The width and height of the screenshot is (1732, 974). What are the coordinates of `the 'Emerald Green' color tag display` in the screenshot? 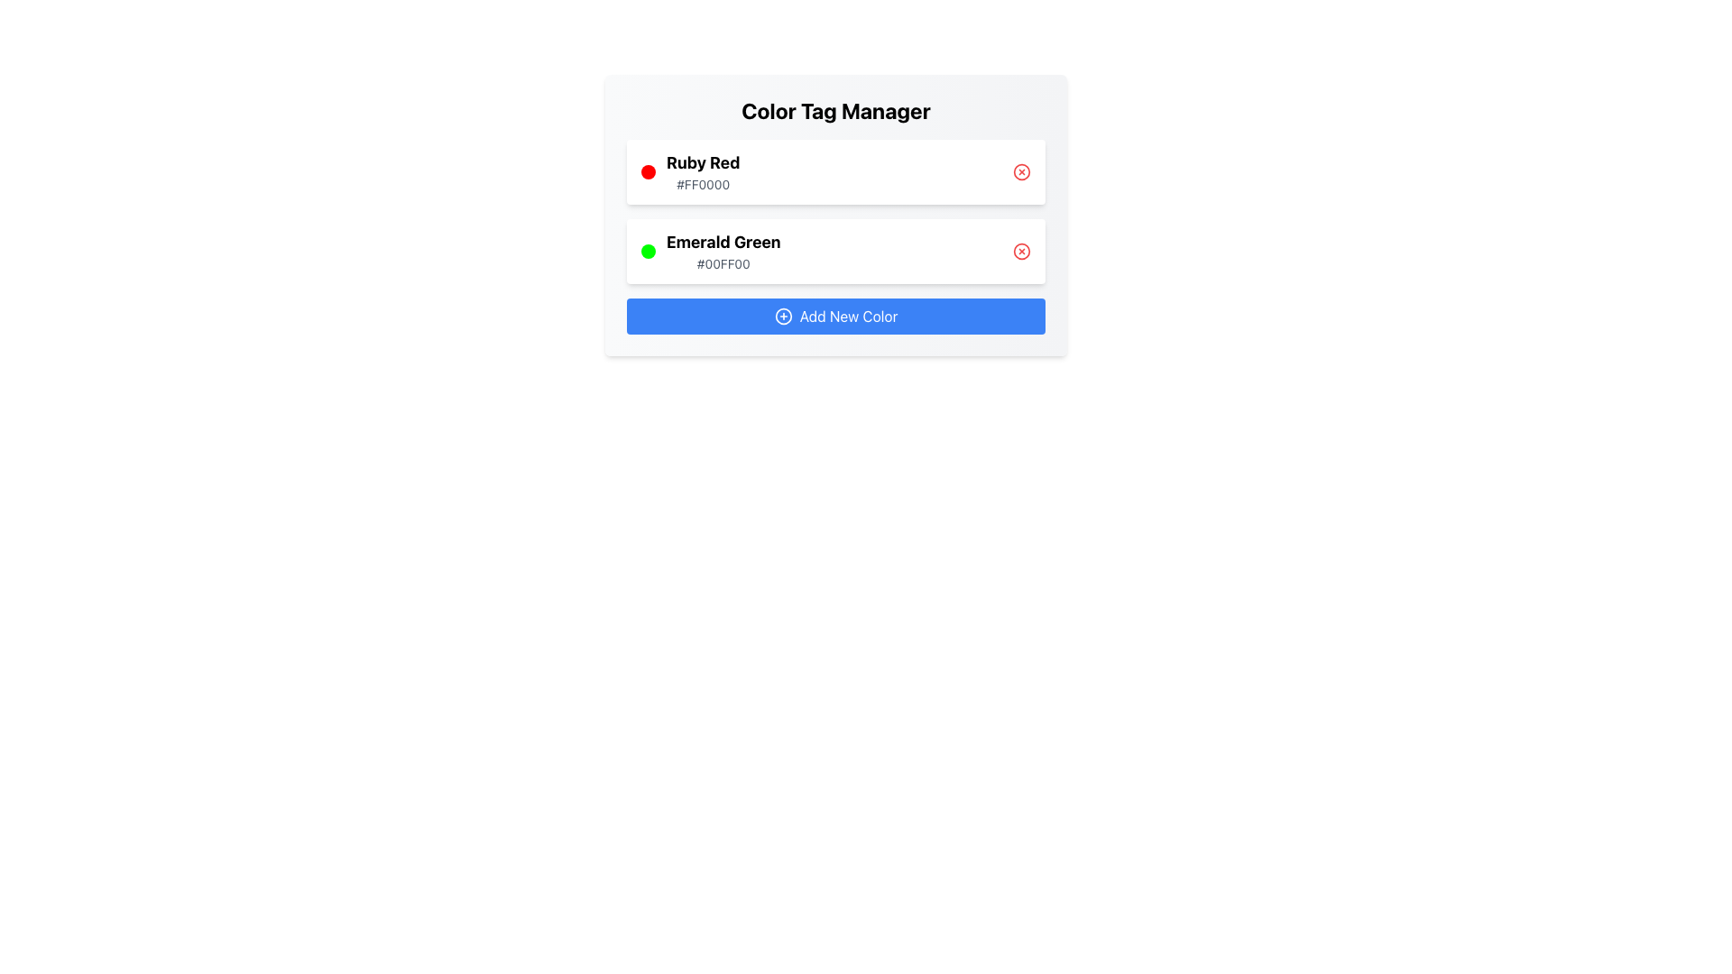 It's located at (710, 251).